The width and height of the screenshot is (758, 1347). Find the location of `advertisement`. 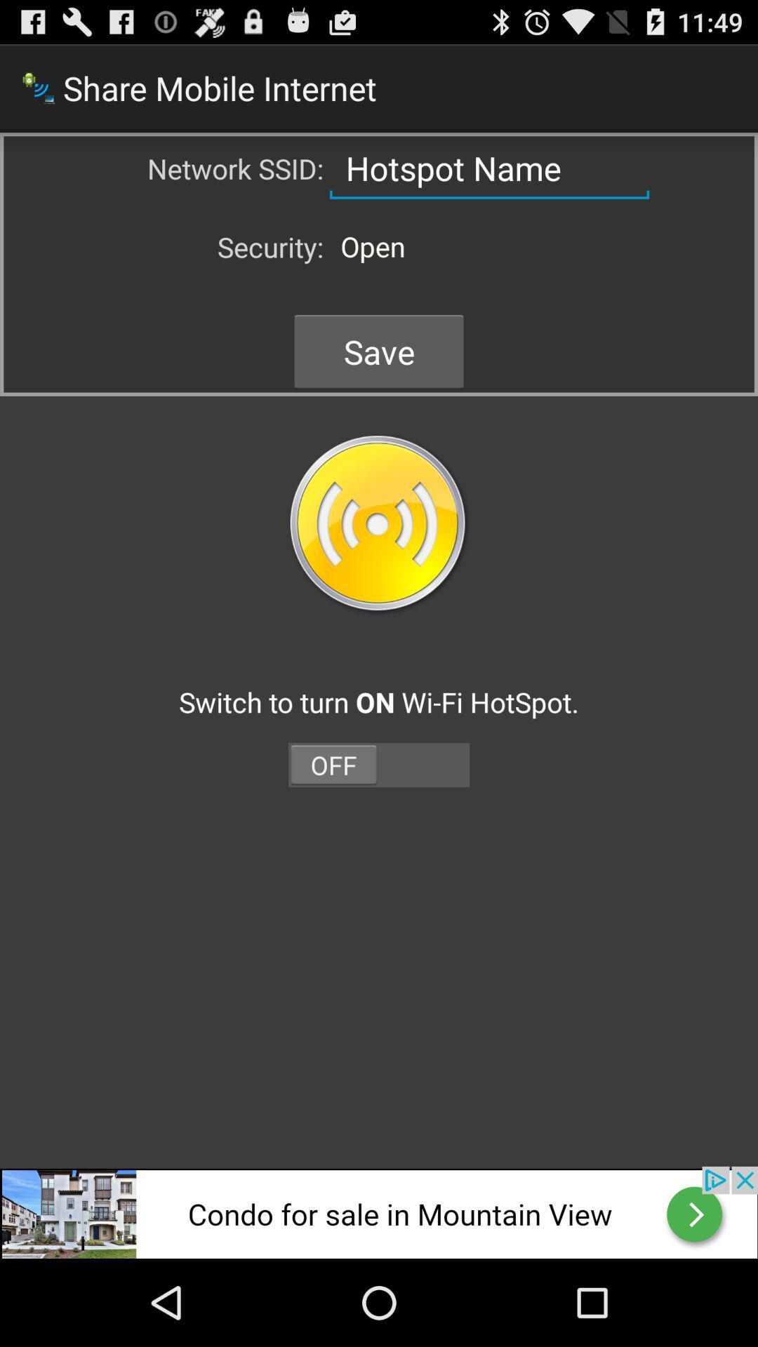

advertisement is located at coordinates (379, 1212).